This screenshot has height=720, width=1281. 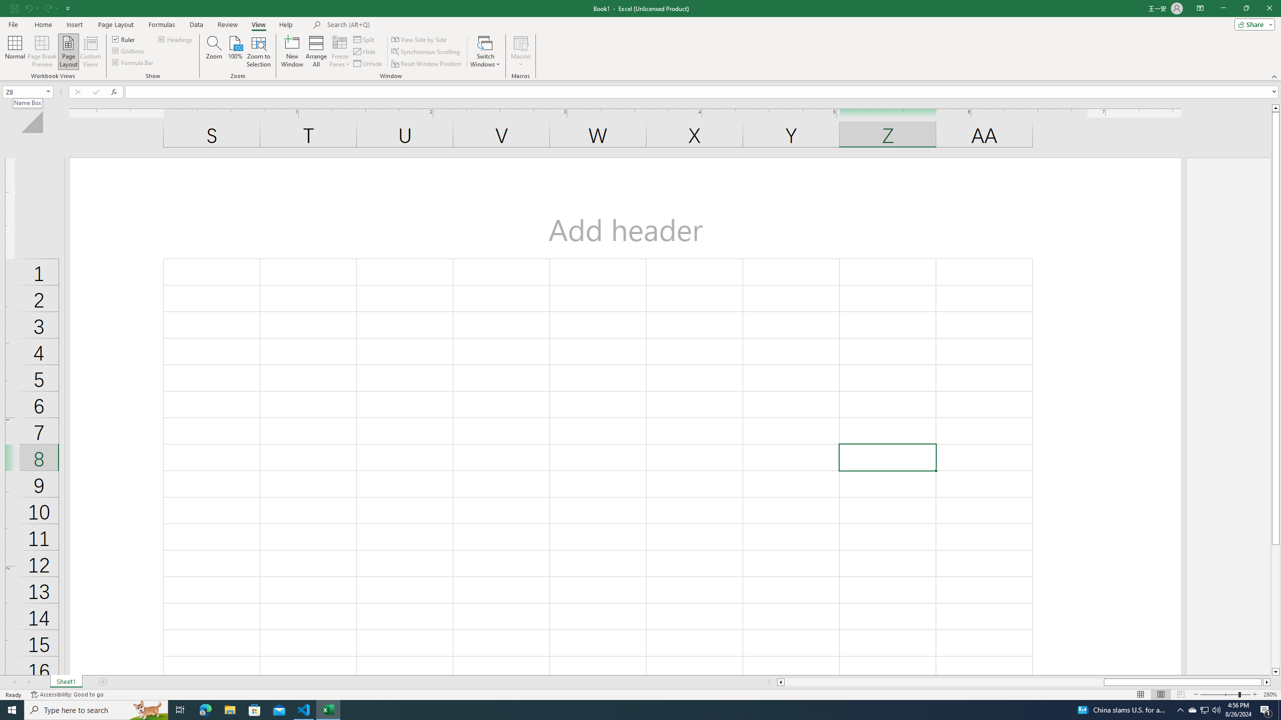 What do you see at coordinates (485, 51) in the screenshot?
I see `'Switch Windows'` at bounding box center [485, 51].